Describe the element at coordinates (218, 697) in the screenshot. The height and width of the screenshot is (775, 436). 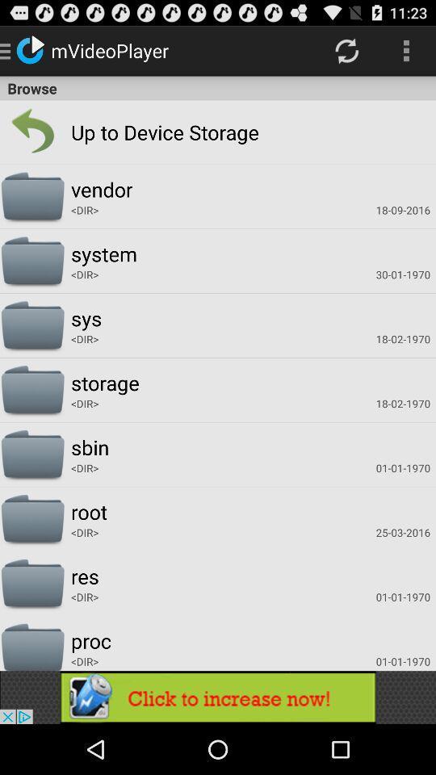
I see `item at the bottom` at that location.